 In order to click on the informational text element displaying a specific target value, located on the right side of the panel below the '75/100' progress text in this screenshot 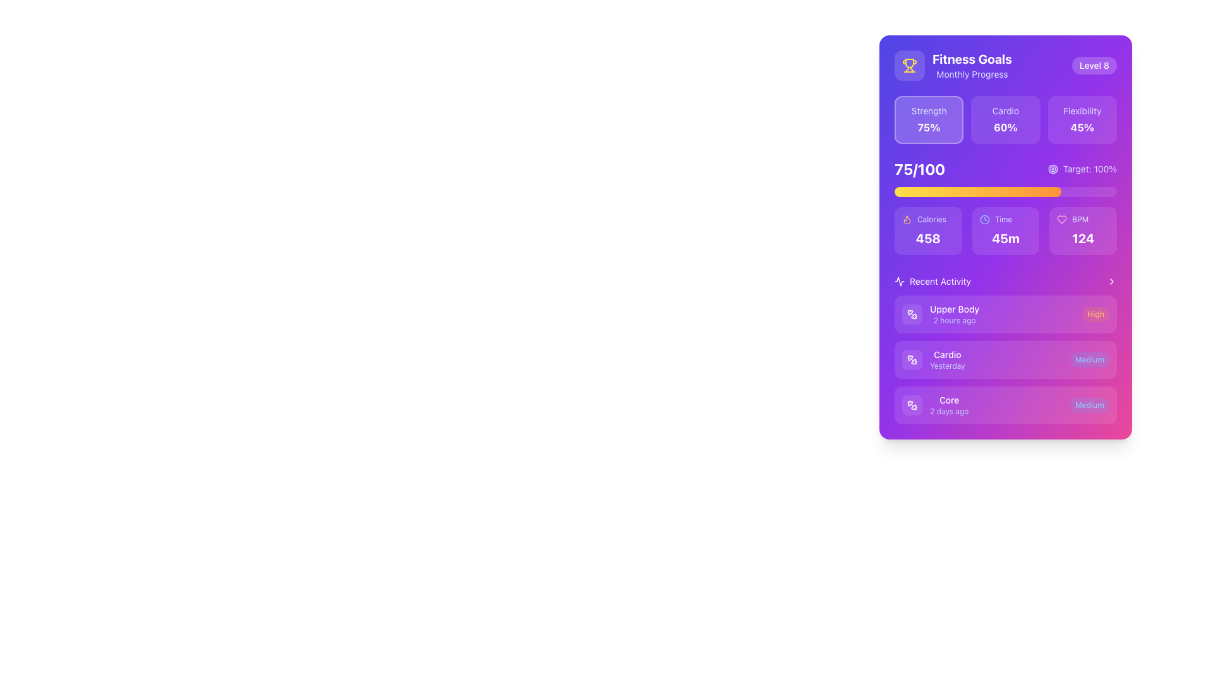, I will do `click(1082, 168)`.